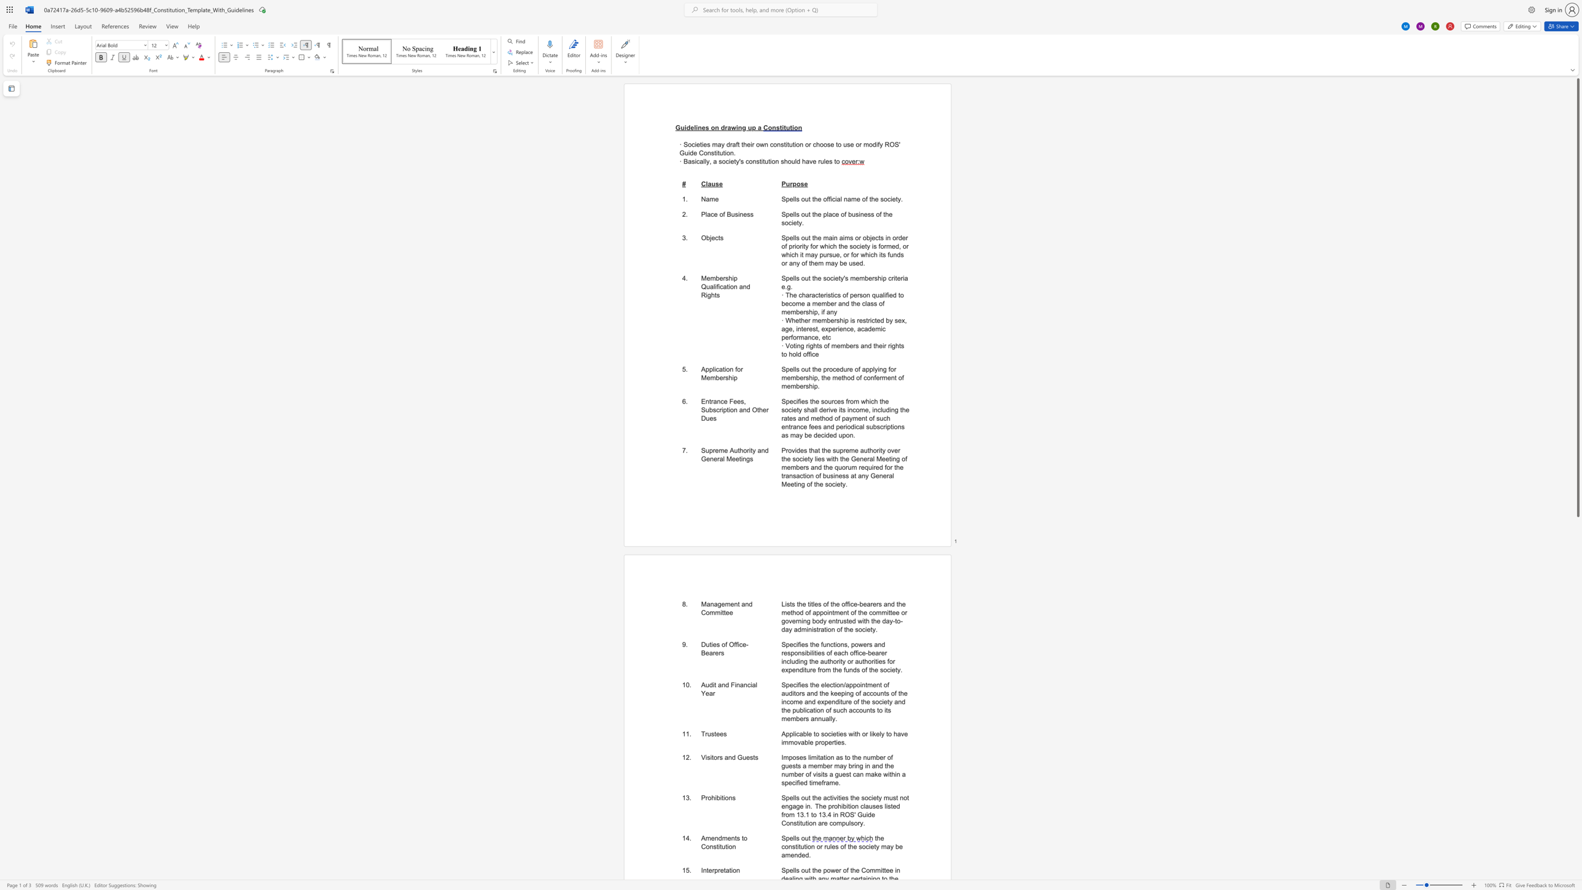  I want to click on the subset text "lly" within the text "Basically, a", so click(703, 162).